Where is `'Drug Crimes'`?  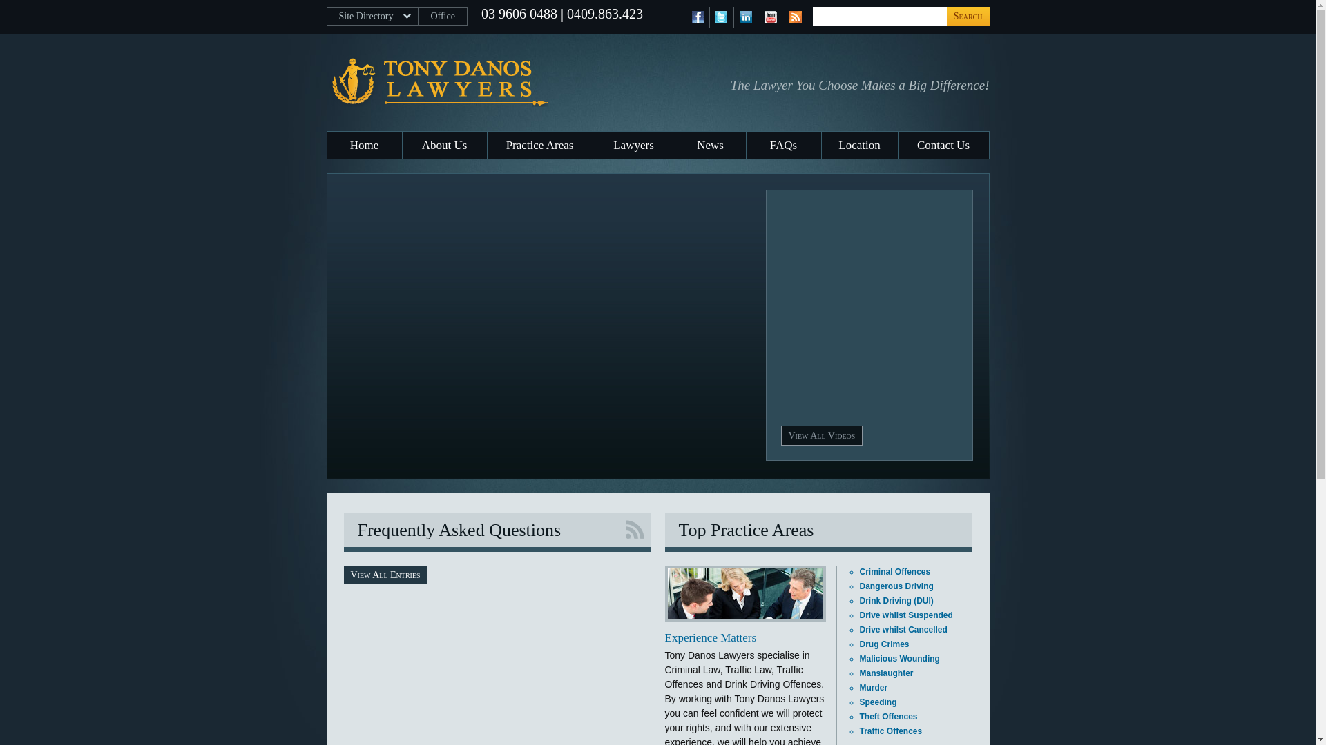 'Drug Crimes' is located at coordinates (858, 644).